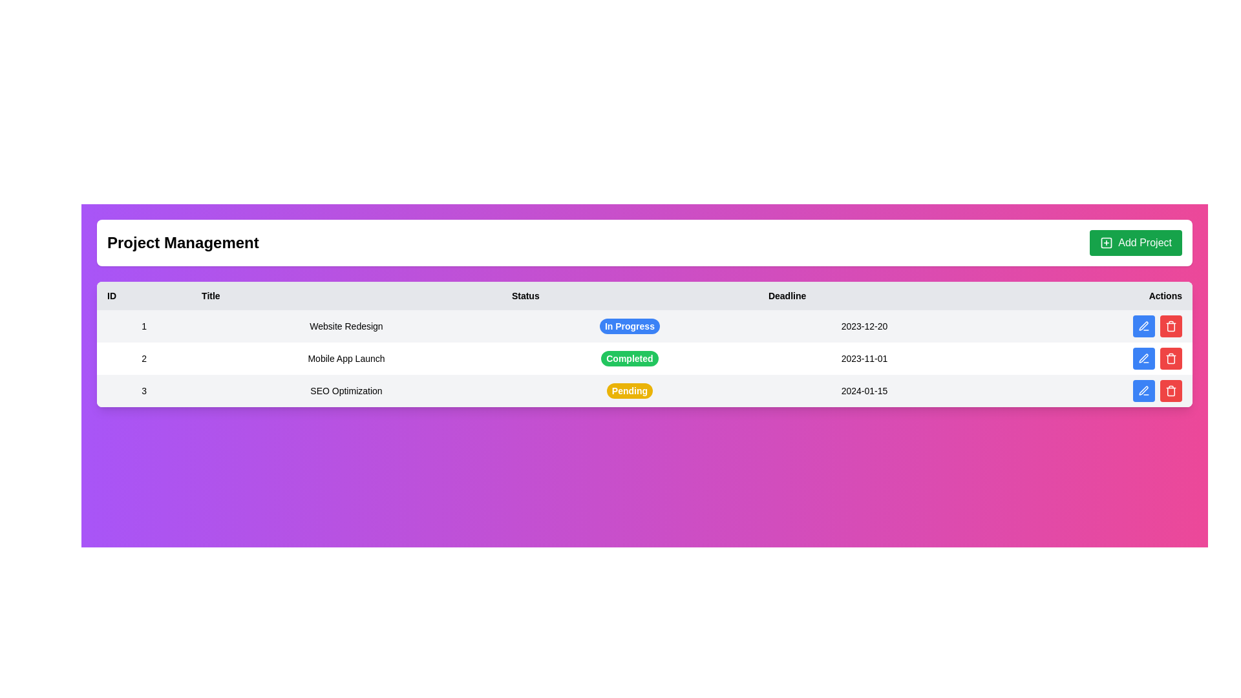 Image resolution: width=1241 pixels, height=698 pixels. Describe the element at coordinates (1144, 326) in the screenshot. I see `the edit button located in the rightmost column of the first row under the 'Actions' header in the table` at that location.